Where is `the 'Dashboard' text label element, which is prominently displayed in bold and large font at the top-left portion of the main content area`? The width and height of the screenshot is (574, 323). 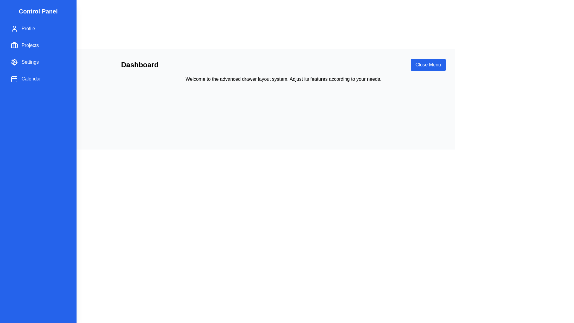 the 'Dashboard' text label element, which is prominently displayed in bold and large font at the top-left portion of the main content area is located at coordinates (139, 65).